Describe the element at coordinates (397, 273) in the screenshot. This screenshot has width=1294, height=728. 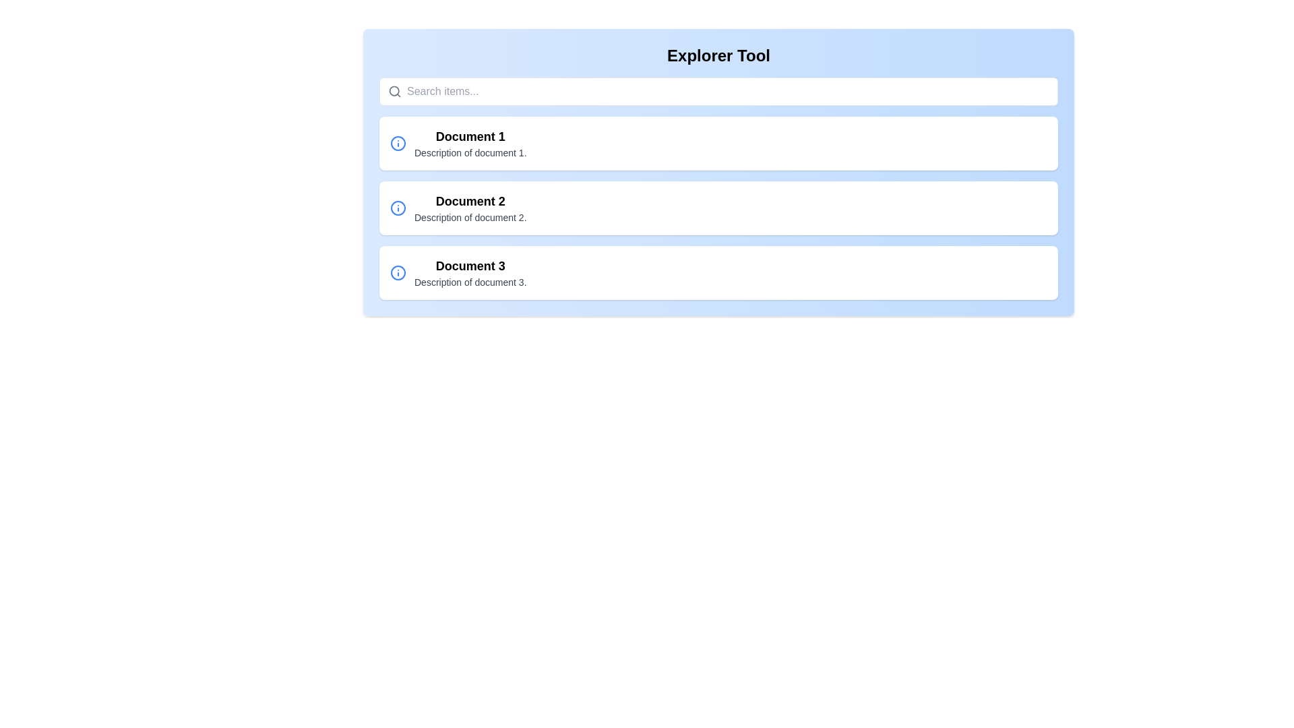
I see `the circular outline icon that represents the 'Document 3' entry, located to the left of the text in the third entry of the vertical list` at that location.